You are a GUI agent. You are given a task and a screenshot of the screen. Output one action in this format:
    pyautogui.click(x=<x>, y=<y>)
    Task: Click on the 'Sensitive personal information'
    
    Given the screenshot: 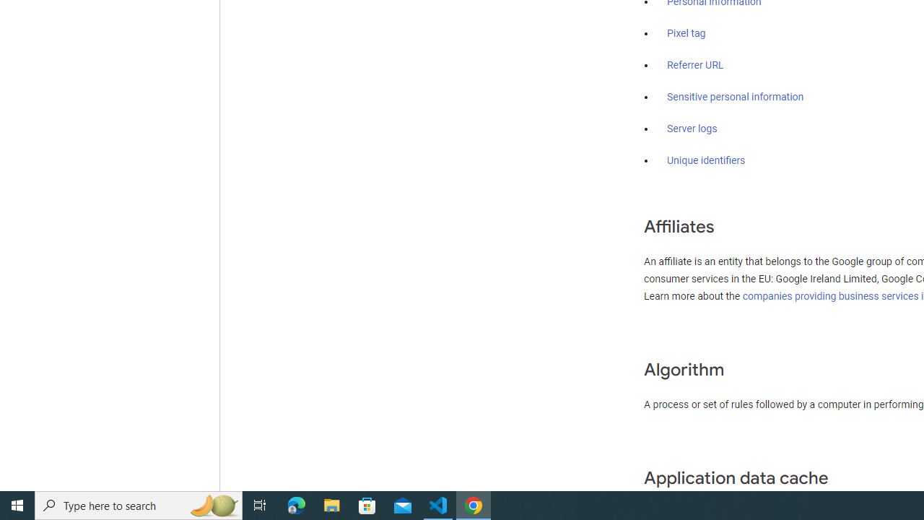 What is the action you would take?
    pyautogui.click(x=735, y=97)
    